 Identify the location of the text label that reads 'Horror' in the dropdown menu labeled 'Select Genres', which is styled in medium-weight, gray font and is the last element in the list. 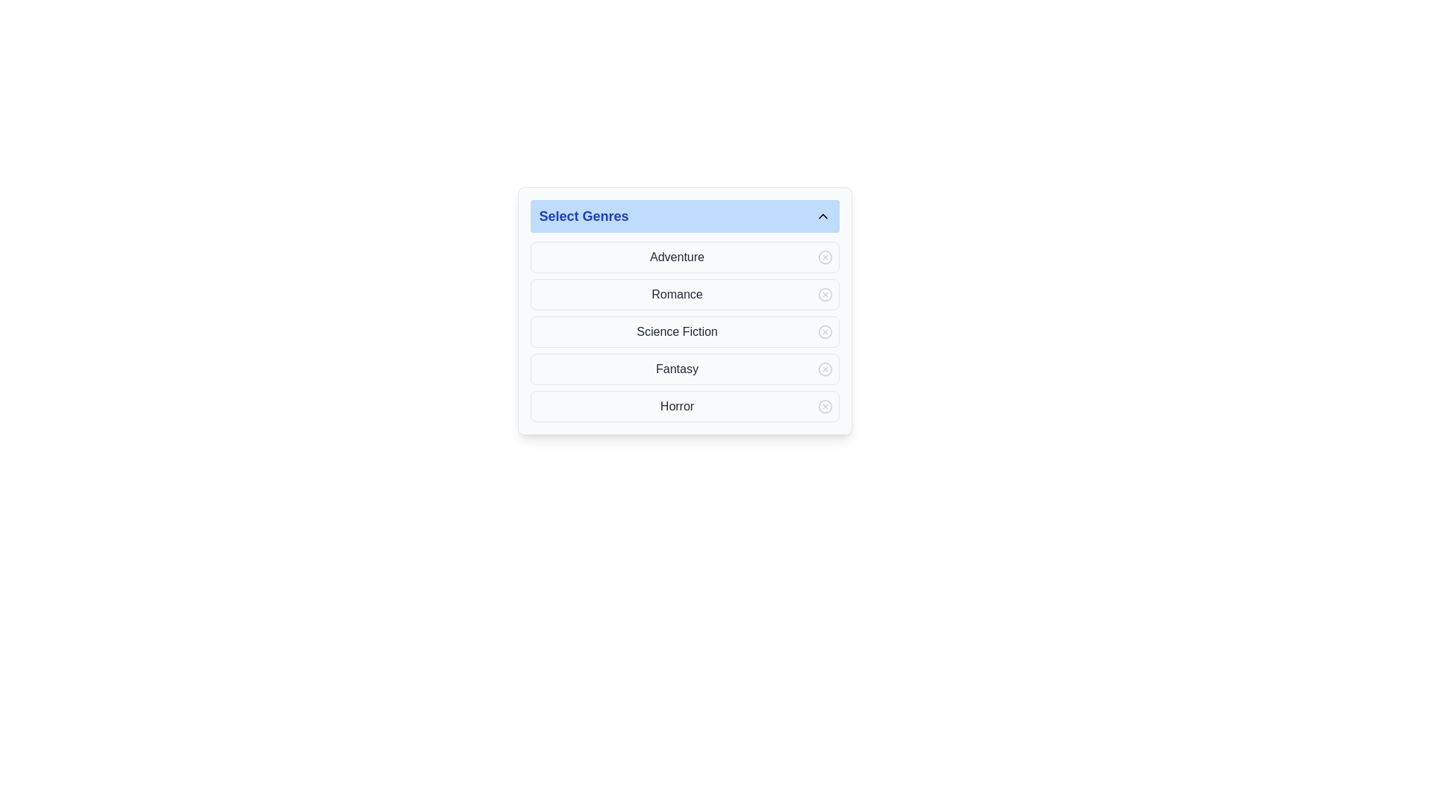
(676, 406).